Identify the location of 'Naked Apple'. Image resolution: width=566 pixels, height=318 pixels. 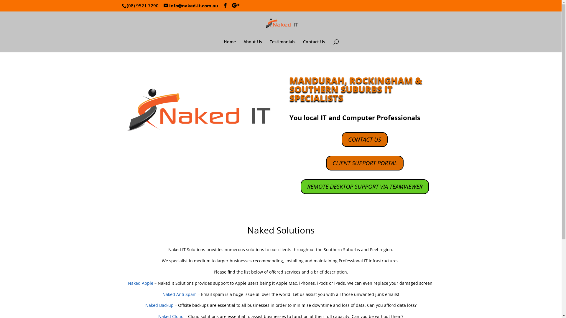
(140, 283).